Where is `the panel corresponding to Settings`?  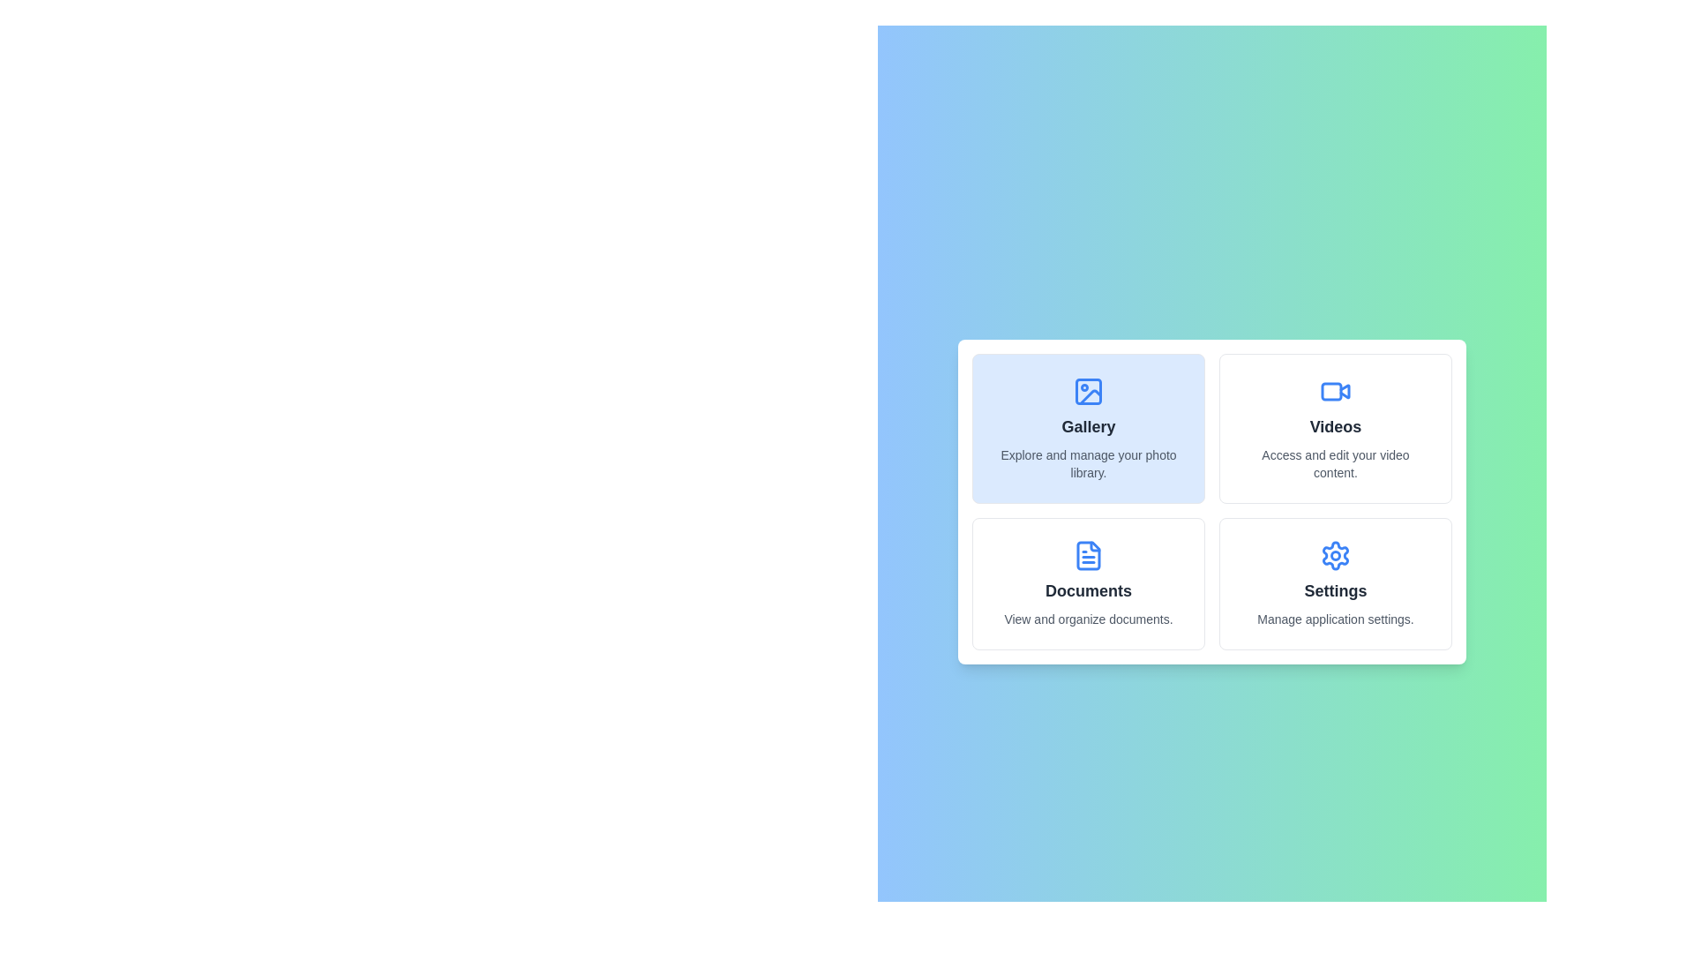 the panel corresponding to Settings is located at coordinates (1335, 584).